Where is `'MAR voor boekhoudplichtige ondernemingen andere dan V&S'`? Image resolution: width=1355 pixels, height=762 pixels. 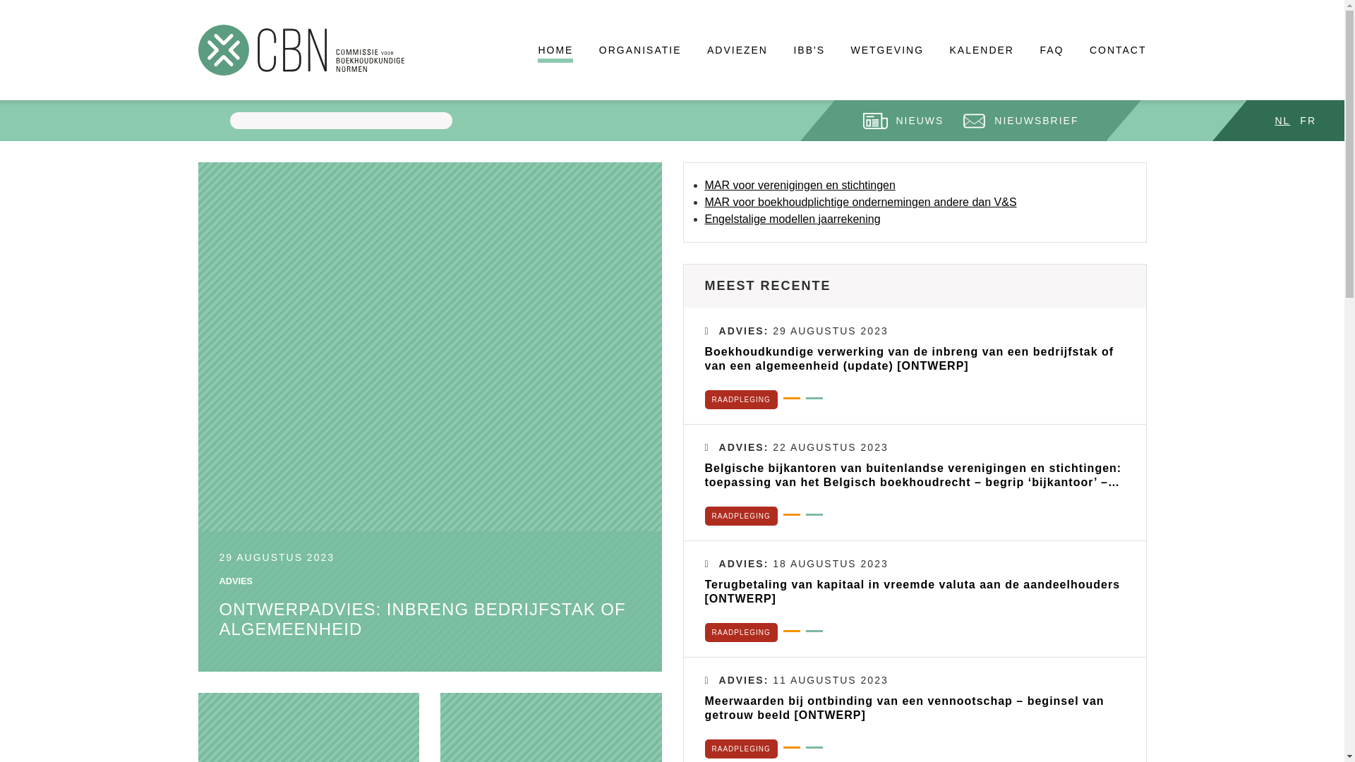
'MAR voor boekhoudplichtige ondernemingen andere dan V&S' is located at coordinates (860, 202).